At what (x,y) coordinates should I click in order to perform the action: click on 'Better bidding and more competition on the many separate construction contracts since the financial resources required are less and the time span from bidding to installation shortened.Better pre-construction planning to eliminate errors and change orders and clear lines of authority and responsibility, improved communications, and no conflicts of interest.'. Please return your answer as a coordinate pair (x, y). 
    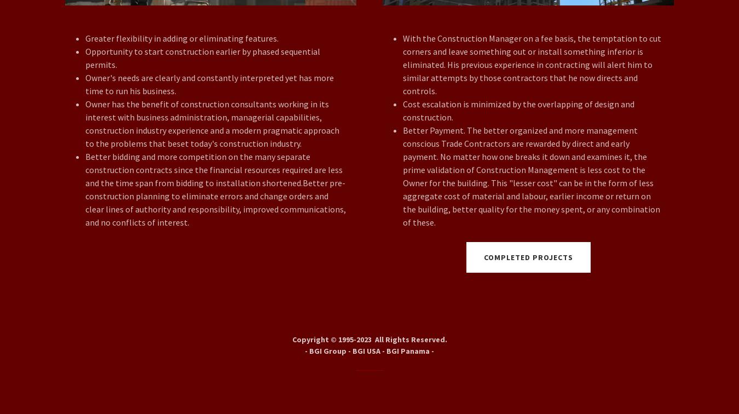
    Looking at the image, I should click on (215, 189).